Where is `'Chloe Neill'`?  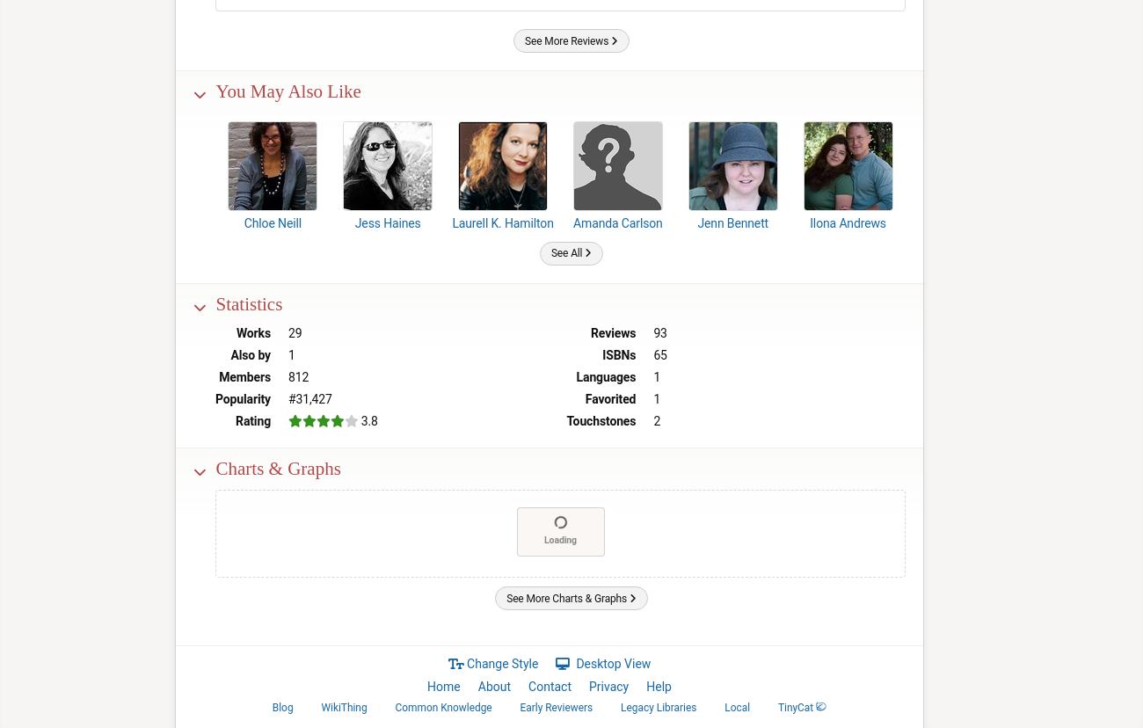 'Chloe Neill' is located at coordinates (273, 222).